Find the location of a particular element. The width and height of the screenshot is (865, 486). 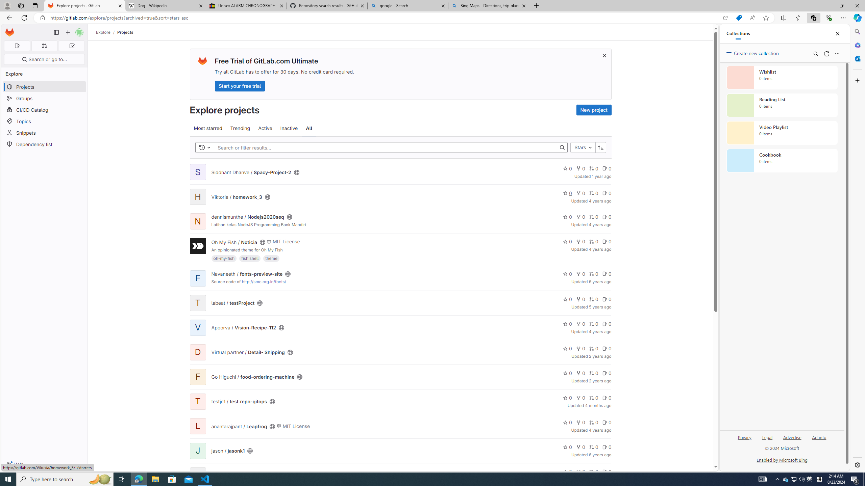

'VApoorva / Vision-Recipe-1120000Updated 4 years ago' is located at coordinates (400, 327).